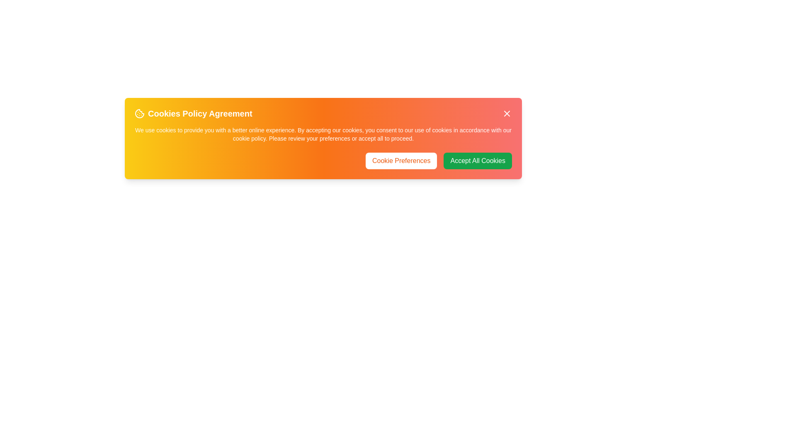 This screenshot has width=796, height=448. What do you see at coordinates (478, 161) in the screenshot?
I see `the 'Accept All Cookies' button located in the bottom-right corner of the modal window to confirm cookie consent` at bounding box center [478, 161].